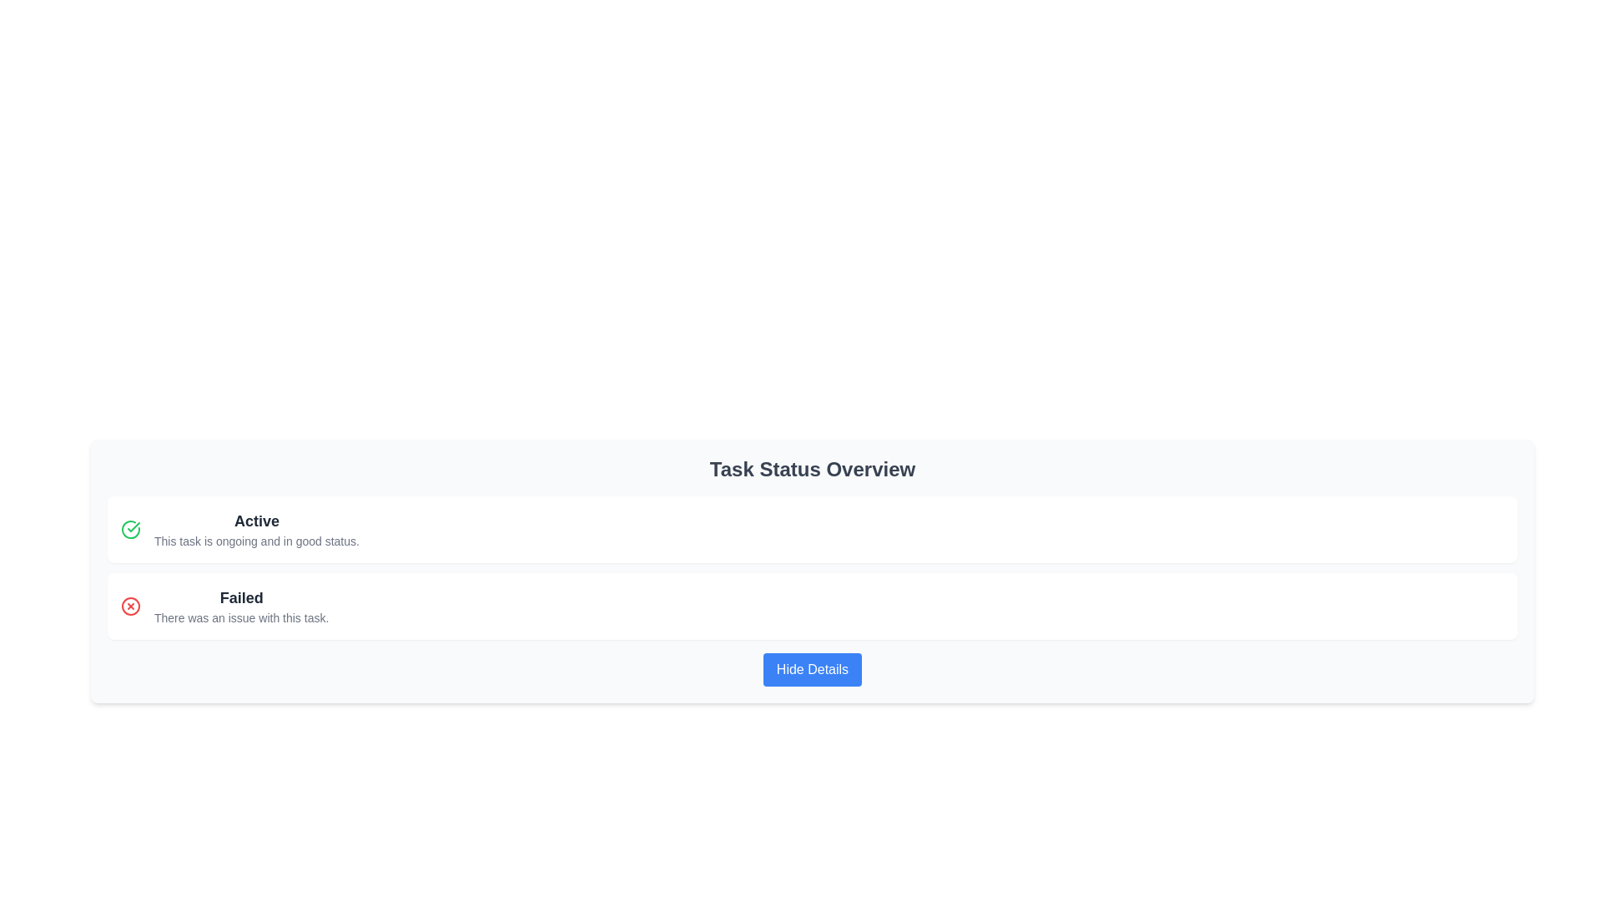  What do you see at coordinates (130, 530) in the screenshot?
I see `the first icon on the leftmost position of the vertical list, which indicates the success or active status of the associated item` at bounding box center [130, 530].